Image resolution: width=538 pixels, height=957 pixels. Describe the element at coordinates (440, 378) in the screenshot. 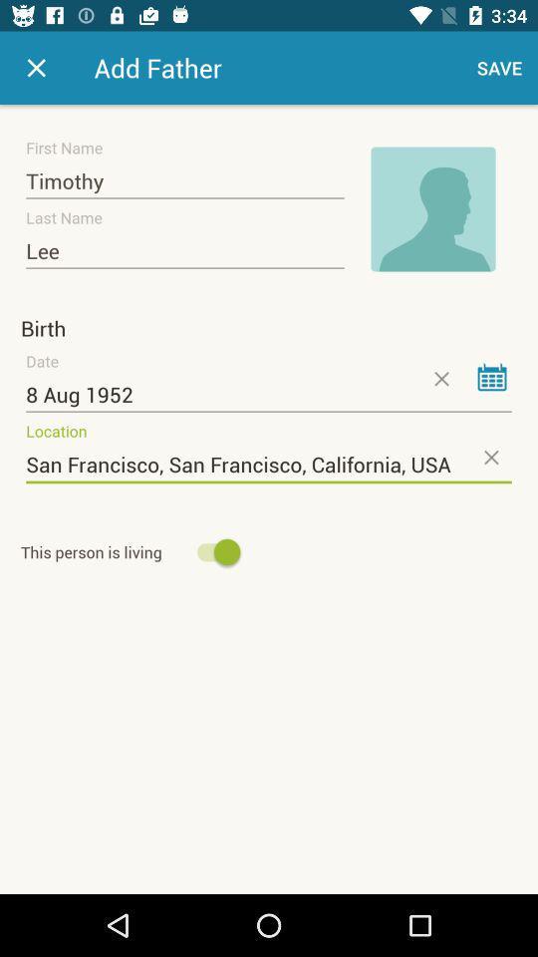

I see `delete` at that location.